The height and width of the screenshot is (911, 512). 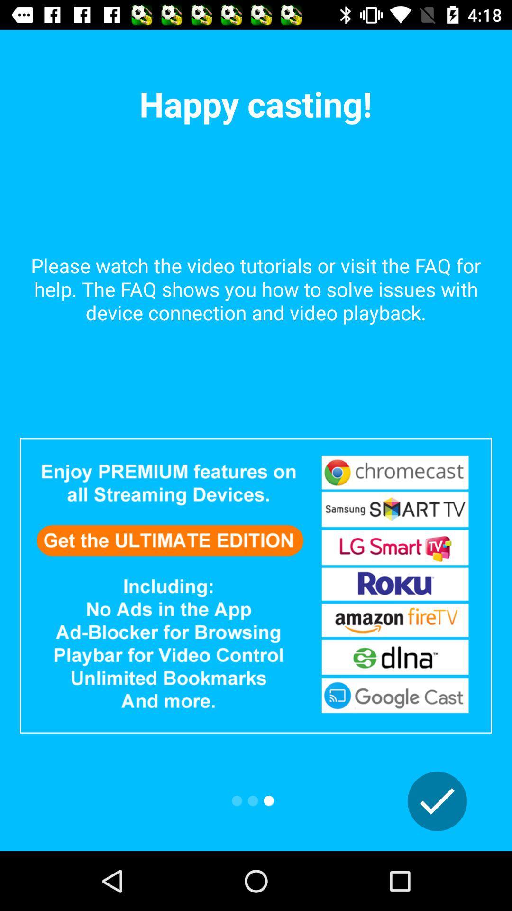 What do you see at coordinates (437, 801) in the screenshot?
I see `the check icon` at bounding box center [437, 801].